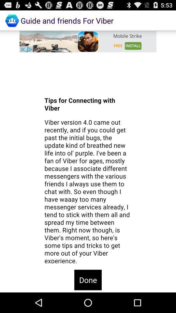  What do you see at coordinates (88, 41) in the screenshot?
I see `the advertisement` at bounding box center [88, 41].